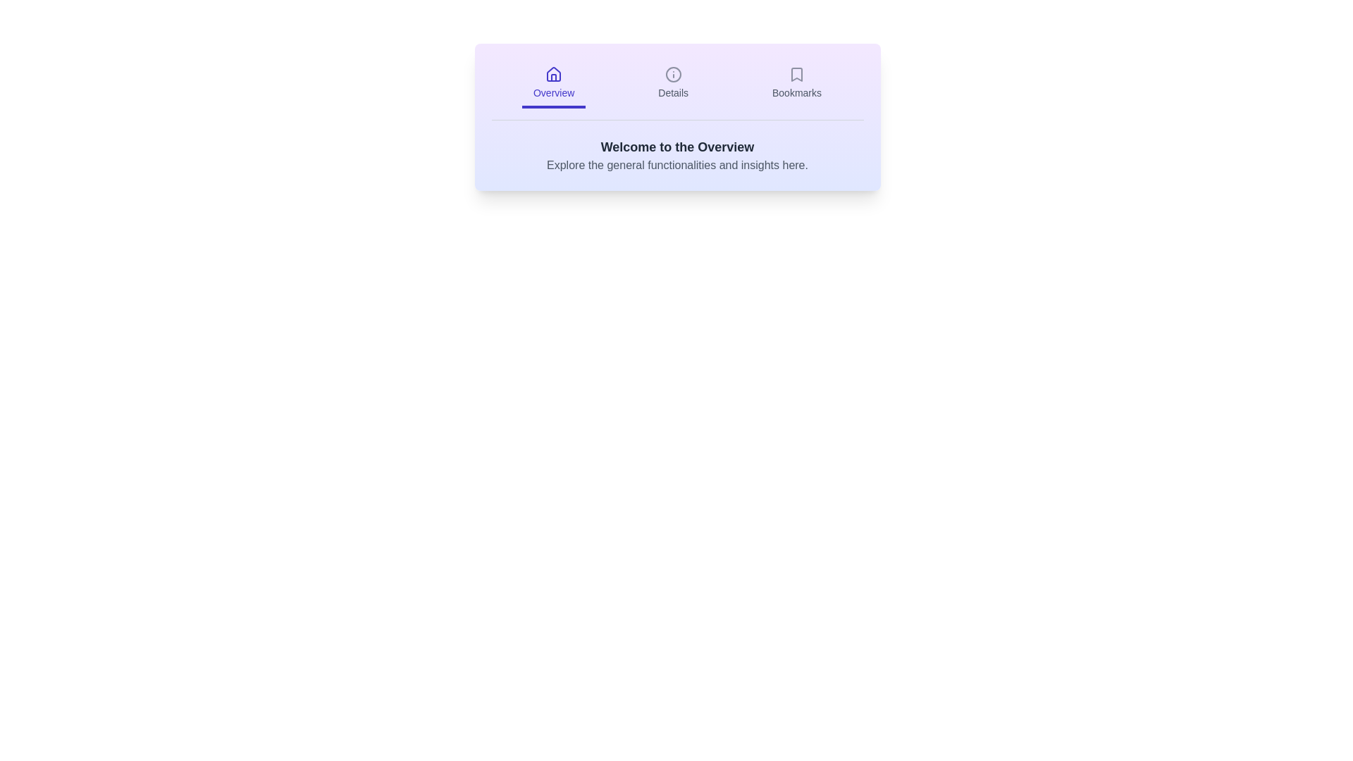 The width and height of the screenshot is (1353, 761). I want to click on the 'Overview' text label located directly below the house icon in the top-left navigation bar, so click(553, 92).